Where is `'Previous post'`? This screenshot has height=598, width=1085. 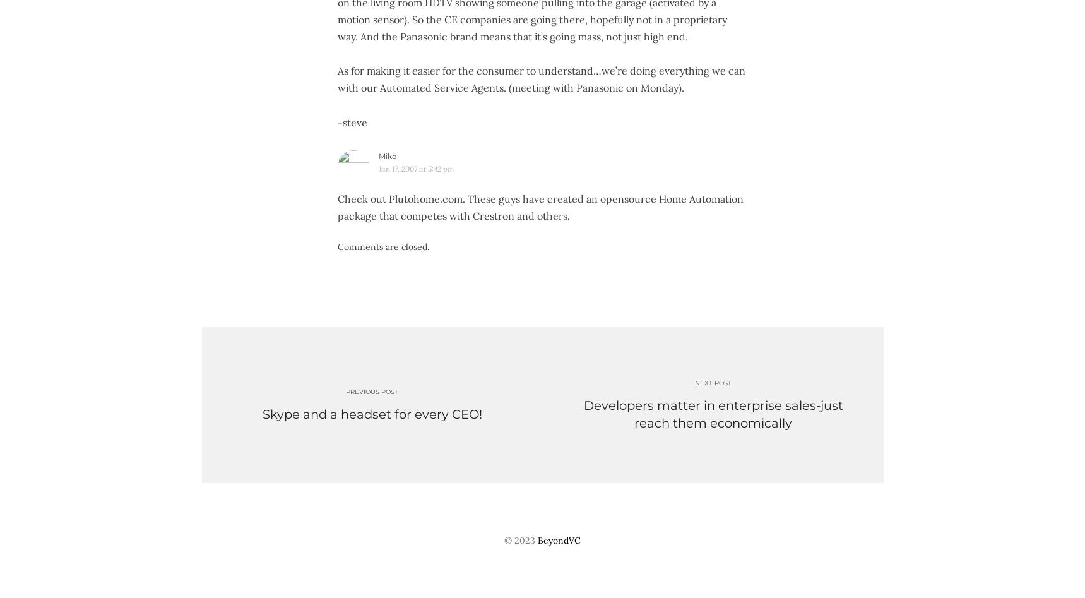
'Previous post' is located at coordinates (372, 391).